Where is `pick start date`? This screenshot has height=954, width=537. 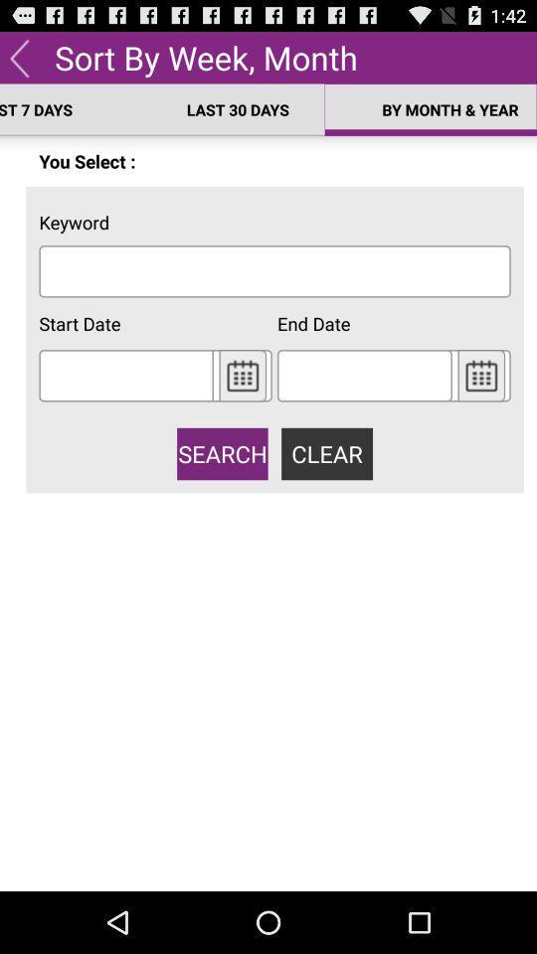 pick start date is located at coordinates (126, 374).